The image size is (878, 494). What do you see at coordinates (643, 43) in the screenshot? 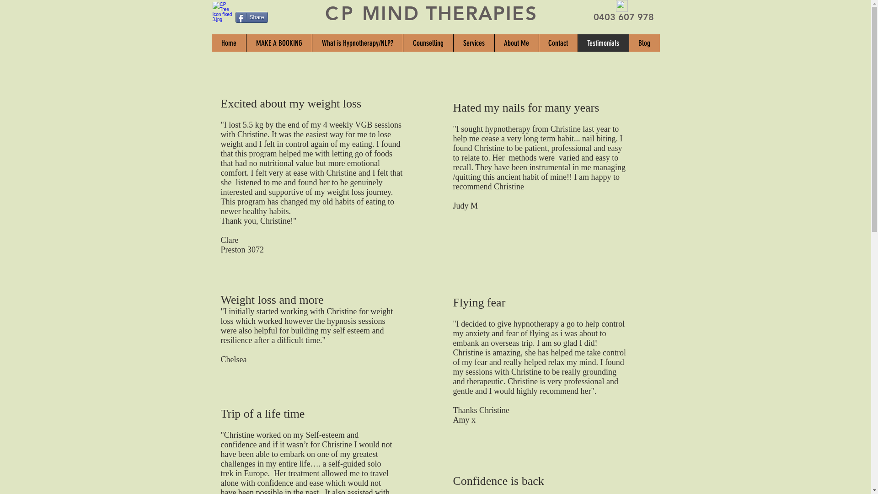
I see `'Blog'` at bounding box center [643, 43].